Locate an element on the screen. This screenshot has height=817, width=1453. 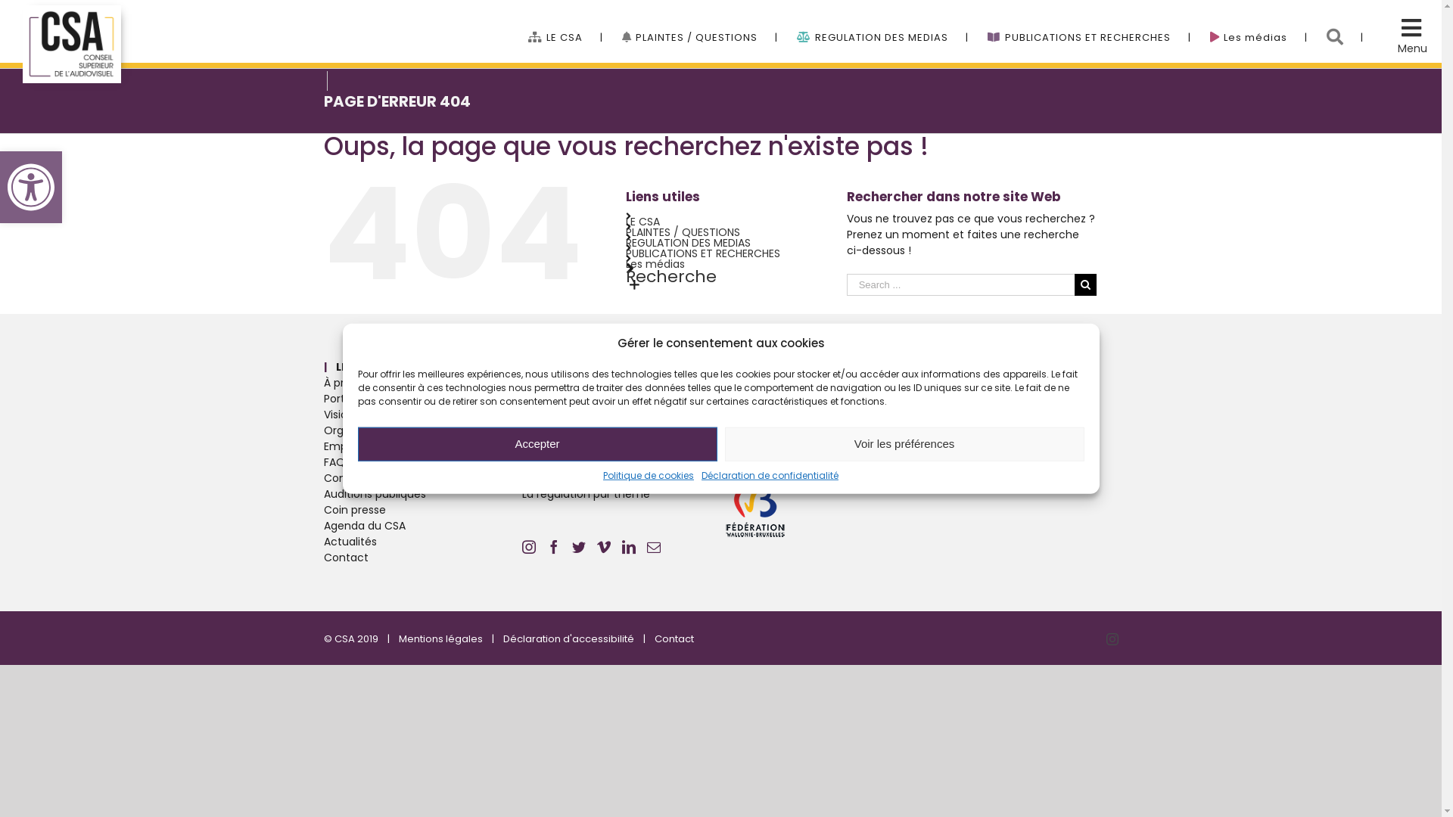
'REGULATION DES MEDIAS' is located at coordinates (882, 22).